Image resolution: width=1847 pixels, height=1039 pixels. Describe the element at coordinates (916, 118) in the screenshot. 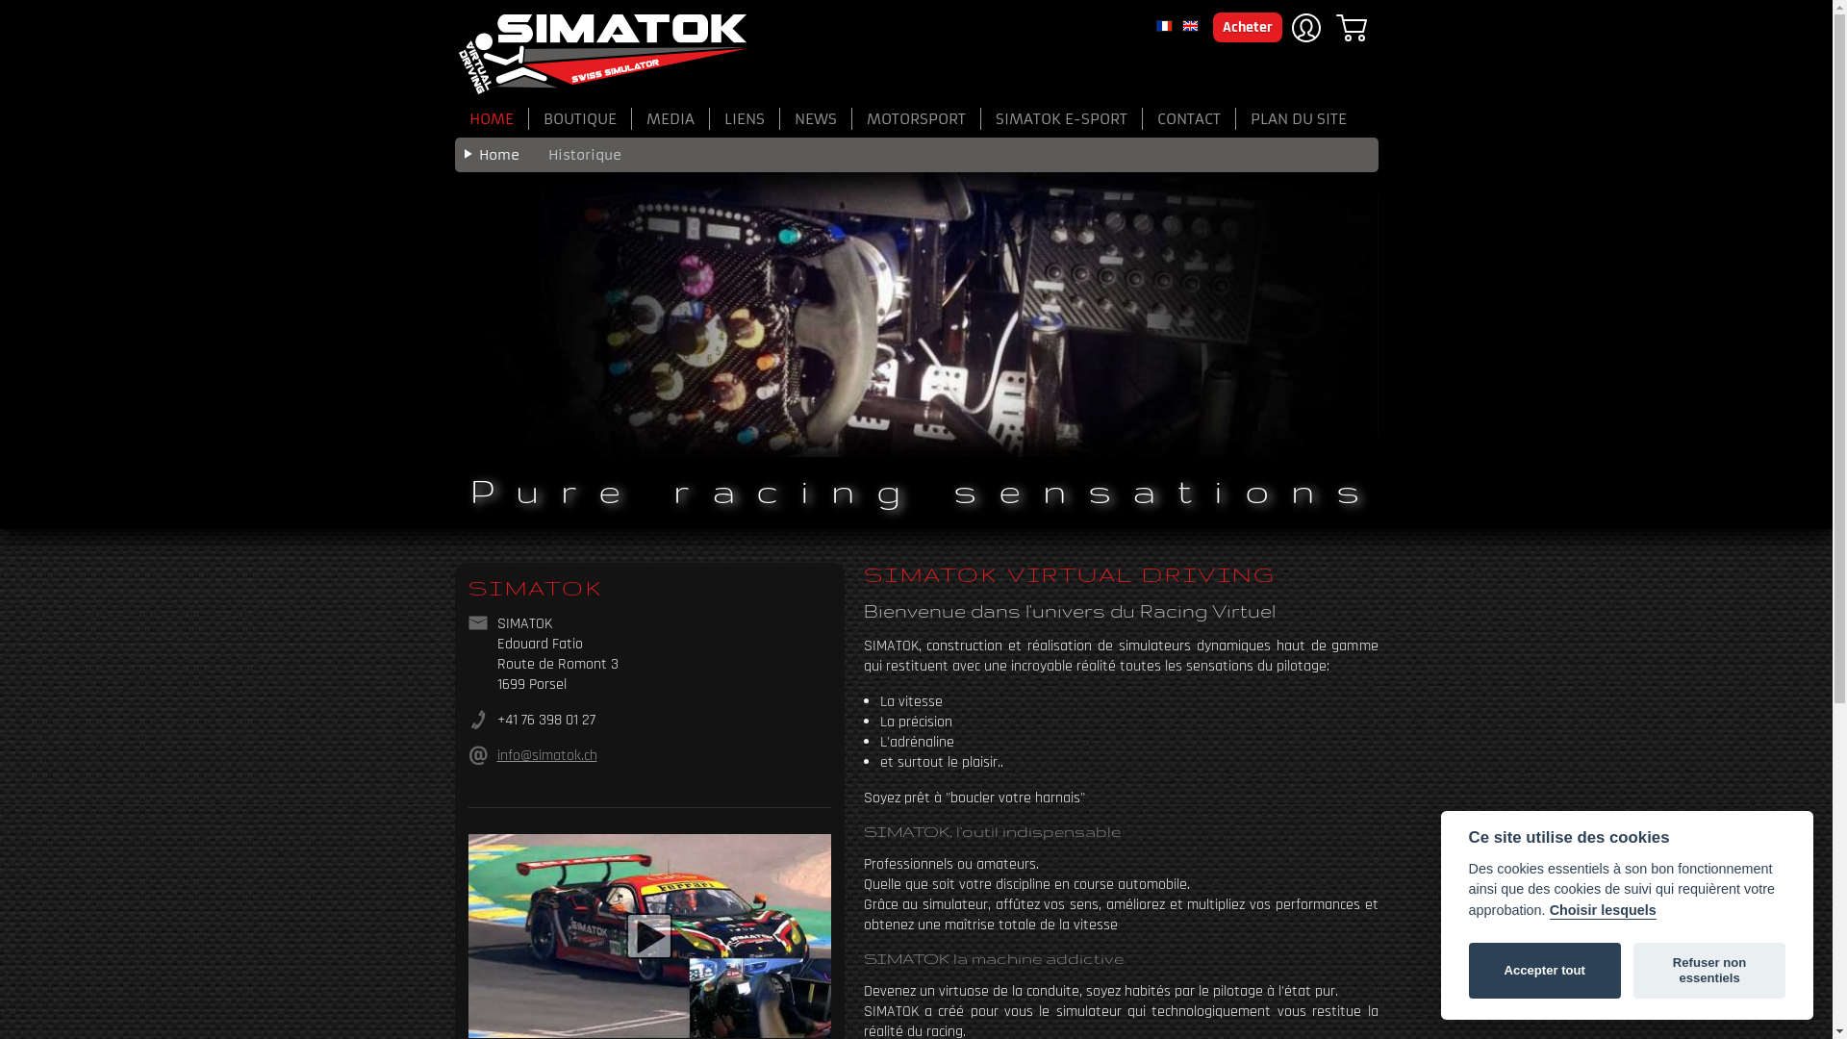

I see `'MOTORSPORT'` at that location.